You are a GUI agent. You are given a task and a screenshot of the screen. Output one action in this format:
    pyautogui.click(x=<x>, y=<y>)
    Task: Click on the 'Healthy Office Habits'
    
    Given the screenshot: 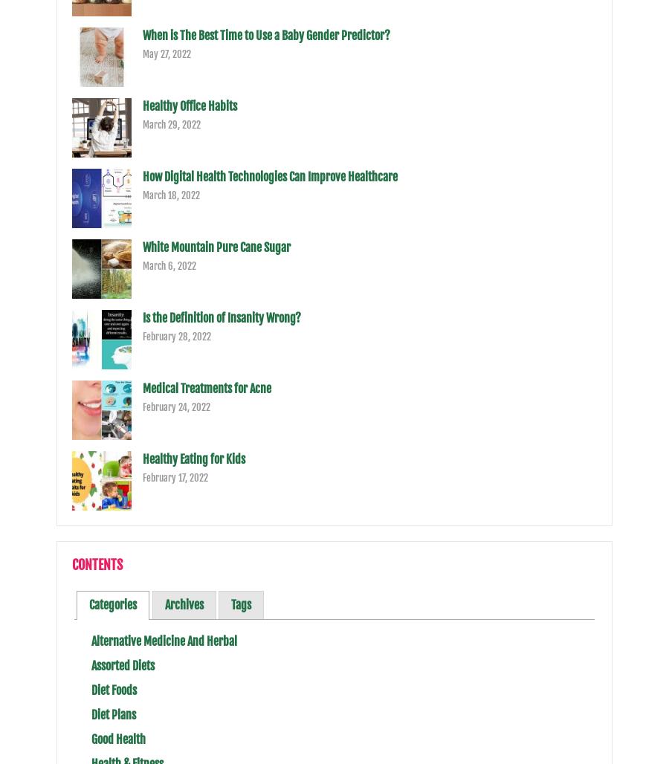 What is the action you would take?
    pyautogui.click(x=189, y=106)
    